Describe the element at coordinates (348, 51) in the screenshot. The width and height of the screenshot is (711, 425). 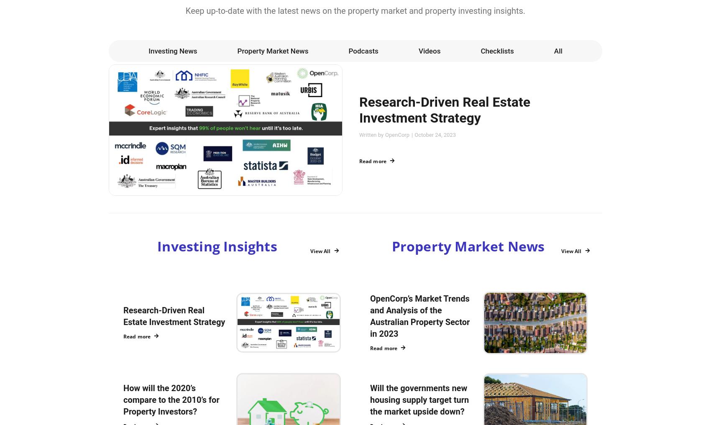
I see `'Podcasts'` at that location.